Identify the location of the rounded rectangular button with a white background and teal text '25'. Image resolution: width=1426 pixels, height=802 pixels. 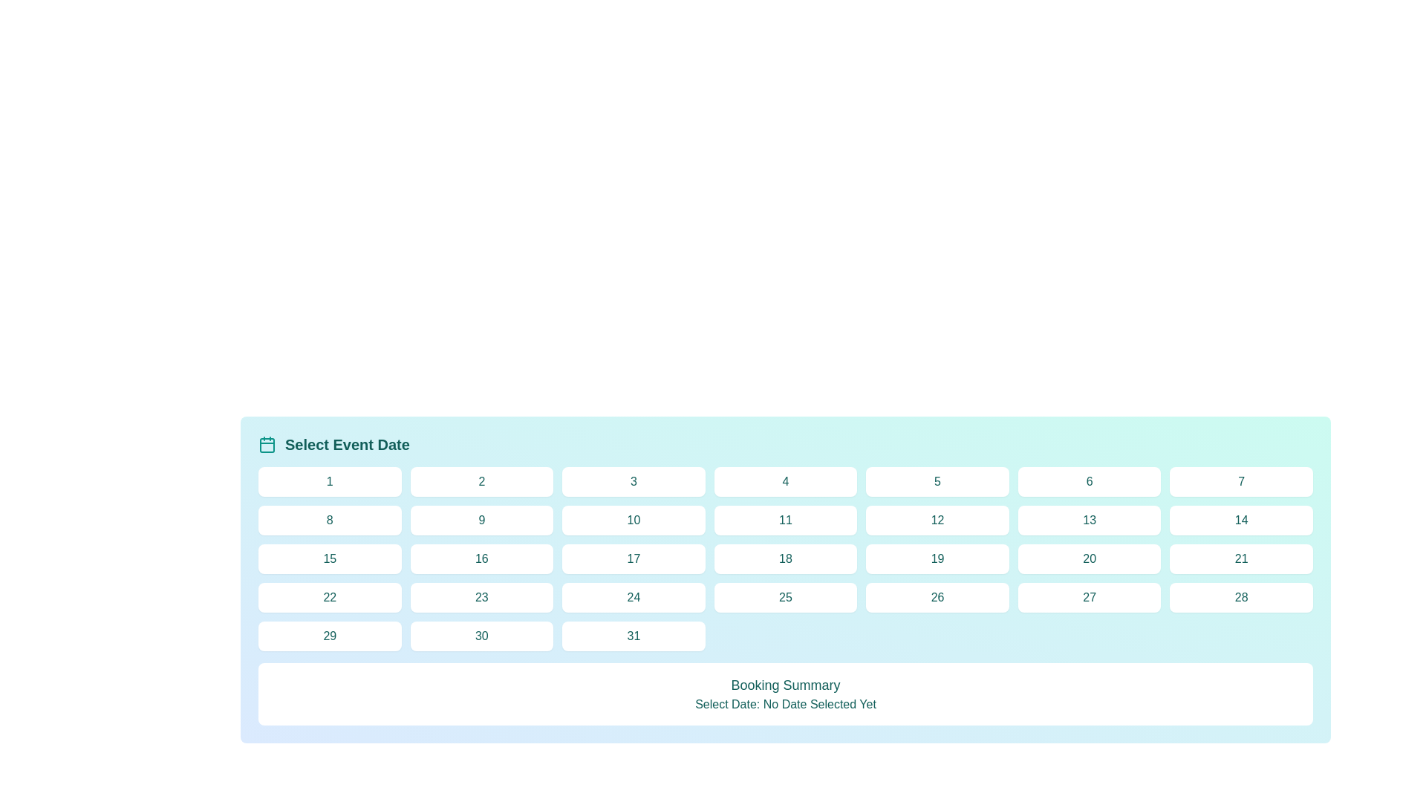
(784, 597).